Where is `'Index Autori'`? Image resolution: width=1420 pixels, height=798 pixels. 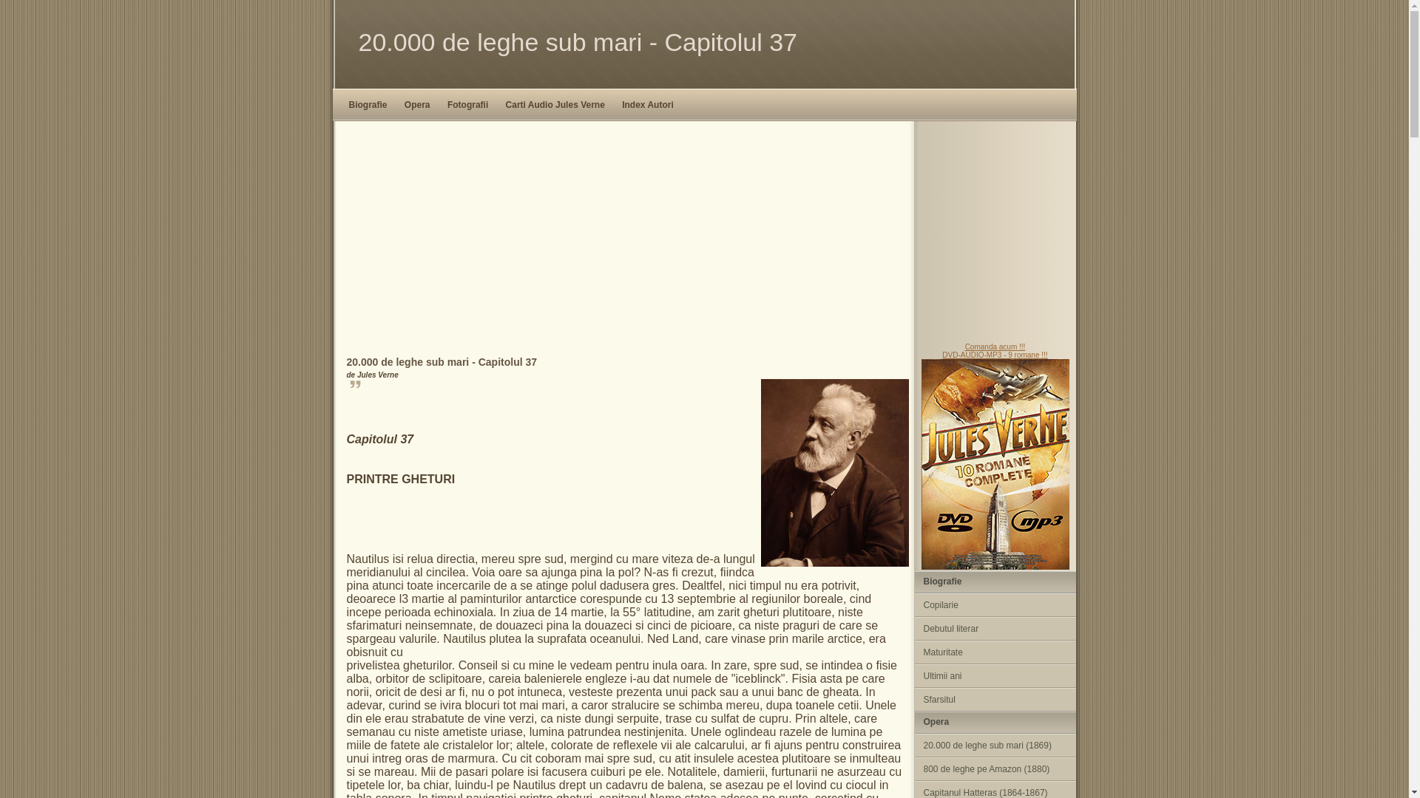 'Index Autori' is located at coordinates (647, 104).